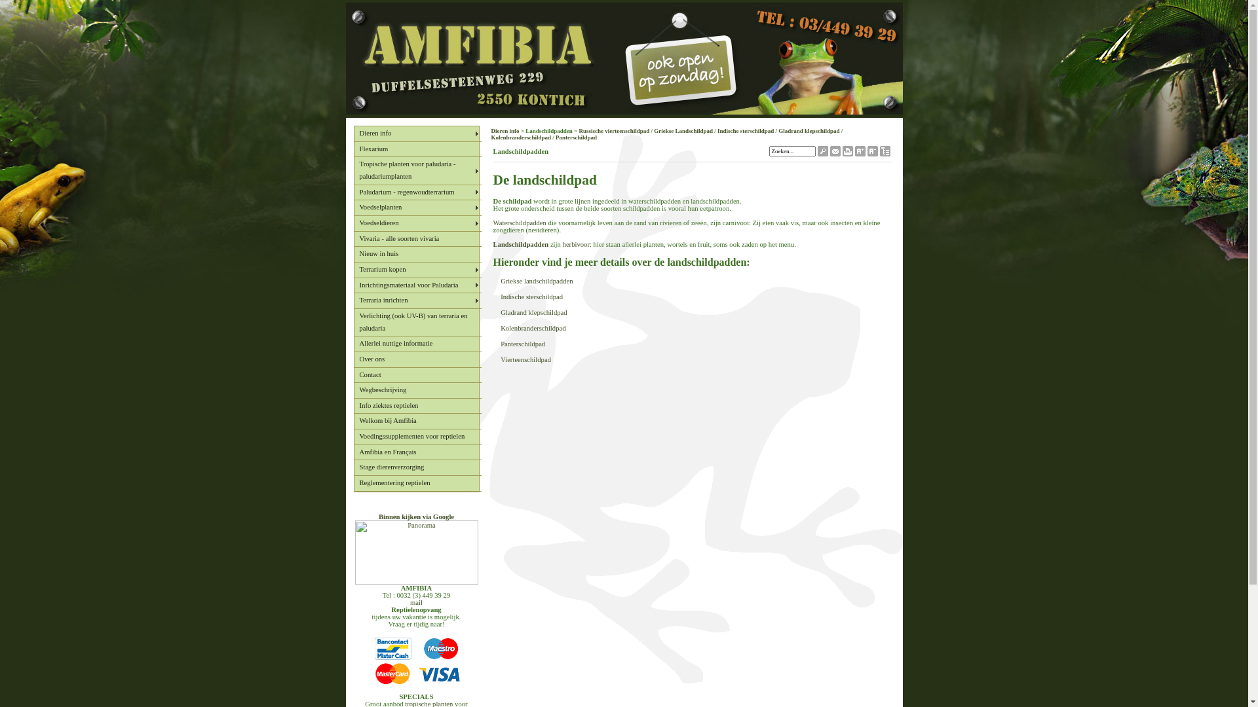  I want to click on 'Terraria inrichten', so click(417, 300).